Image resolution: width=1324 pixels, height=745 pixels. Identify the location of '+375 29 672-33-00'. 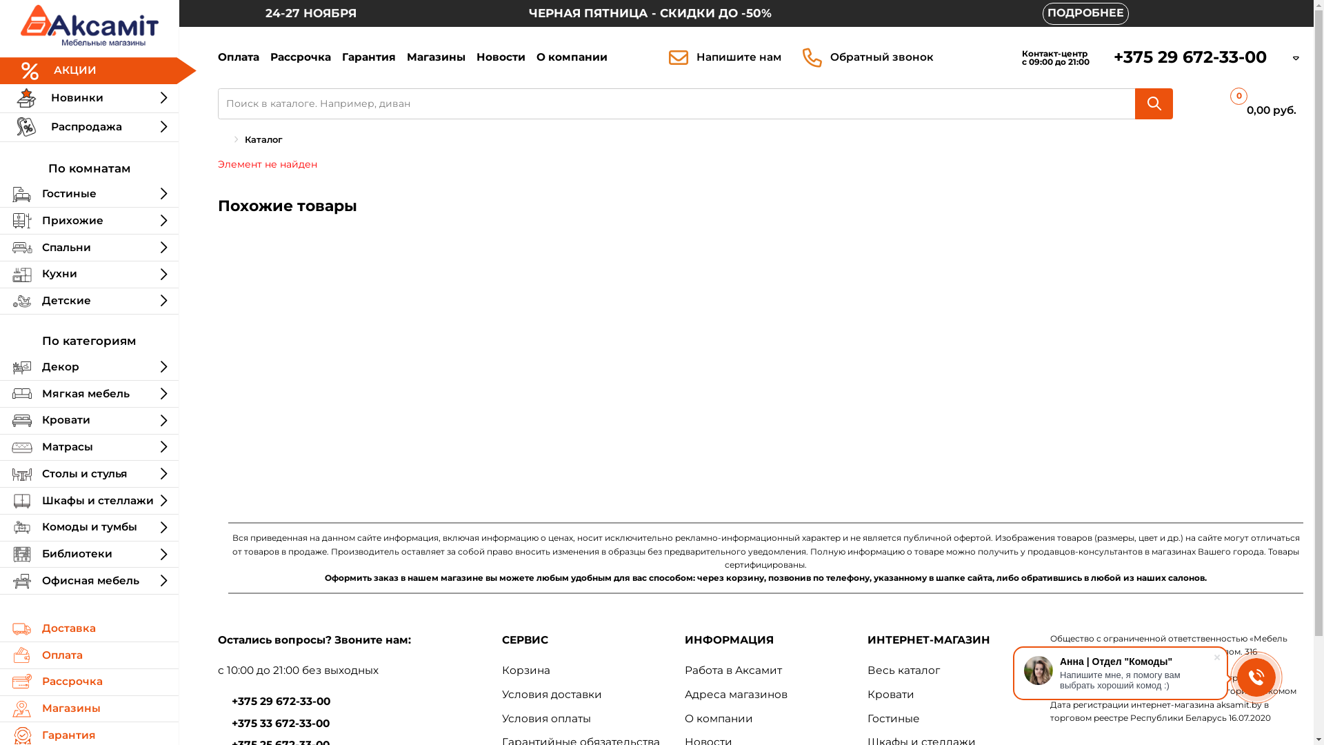
(280, 701).